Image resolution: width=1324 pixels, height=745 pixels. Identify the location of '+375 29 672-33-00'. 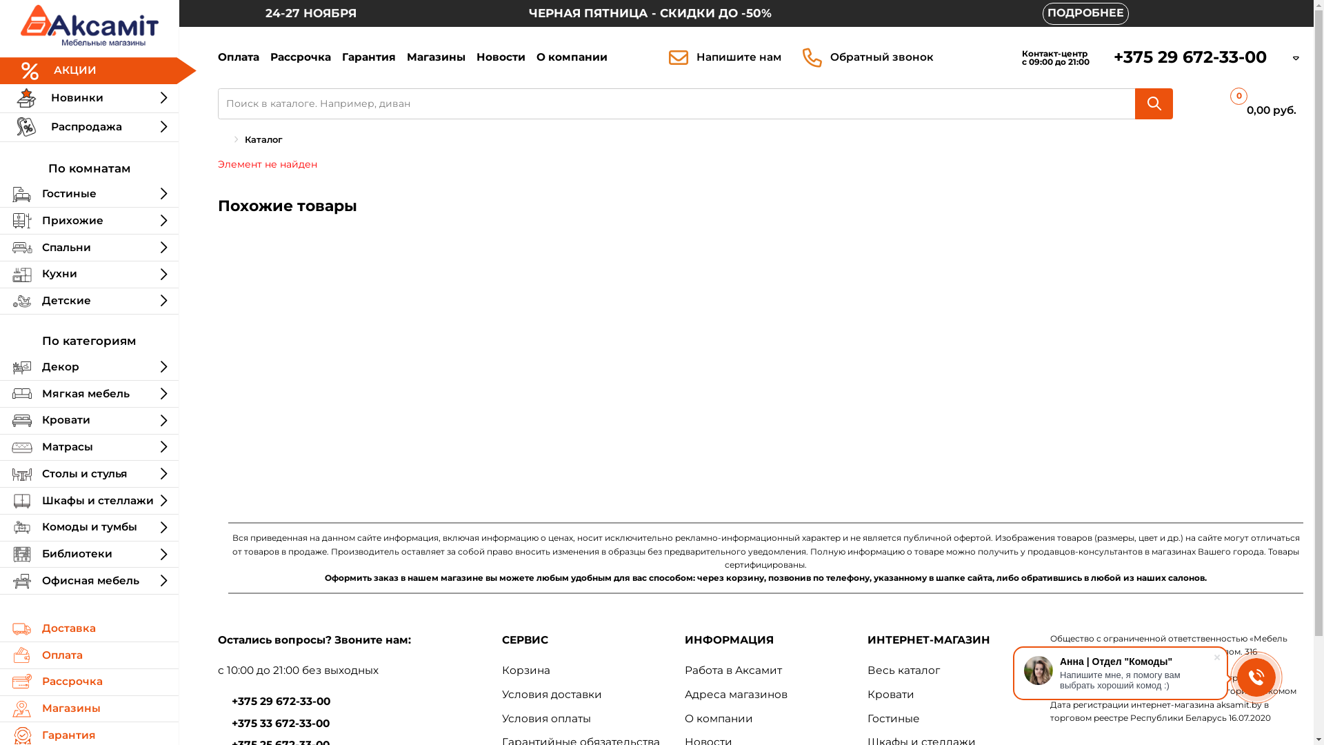
(280, 701).